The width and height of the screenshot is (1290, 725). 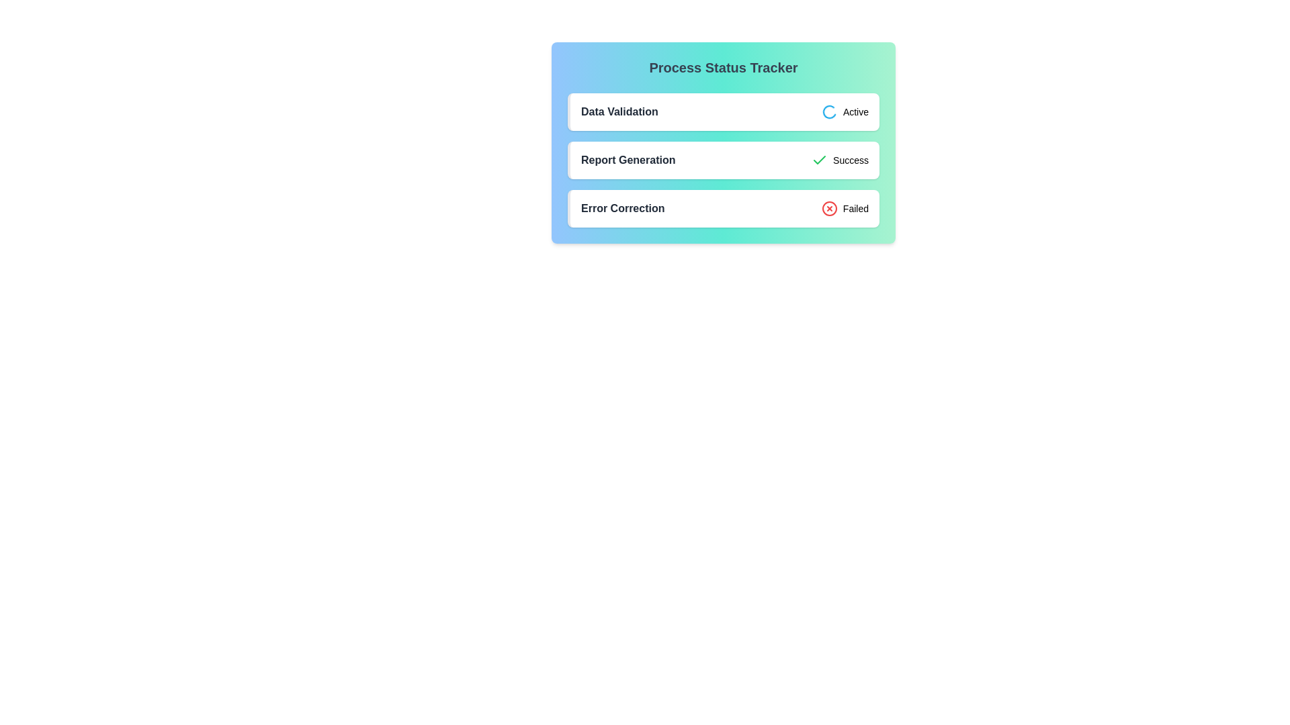 I want to click on the status card indicating the successful completion of the 'Report Generation' process, which is the second item in a vertical list of three items, so click(x=722, y=160).